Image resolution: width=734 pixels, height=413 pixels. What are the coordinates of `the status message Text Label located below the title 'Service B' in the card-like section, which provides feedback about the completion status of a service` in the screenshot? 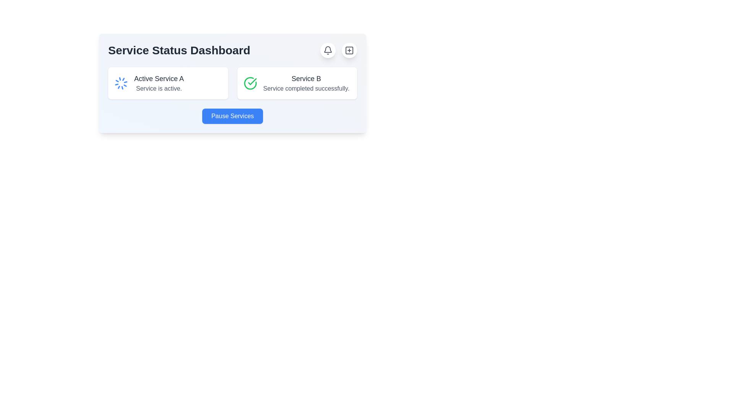 It's located at (306, 88).